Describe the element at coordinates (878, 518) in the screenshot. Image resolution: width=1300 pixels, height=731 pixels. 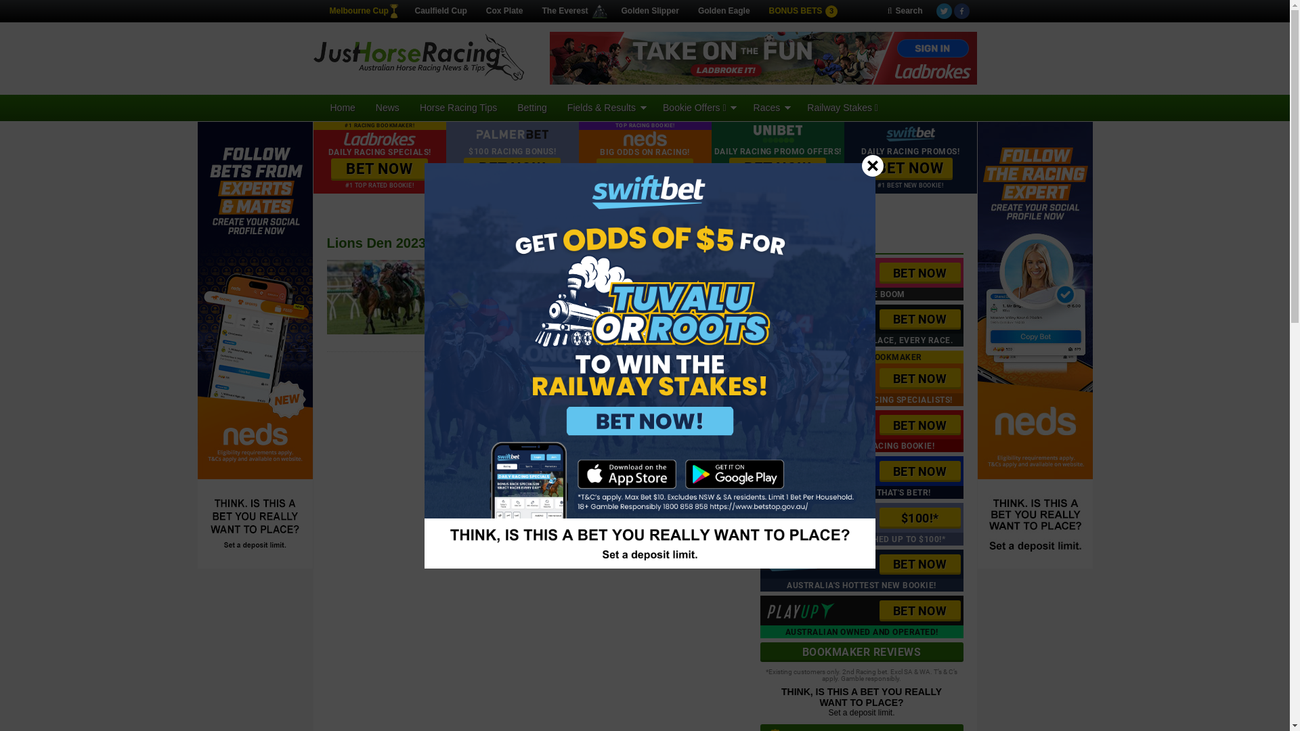
I see `'$100!*'` at that location.